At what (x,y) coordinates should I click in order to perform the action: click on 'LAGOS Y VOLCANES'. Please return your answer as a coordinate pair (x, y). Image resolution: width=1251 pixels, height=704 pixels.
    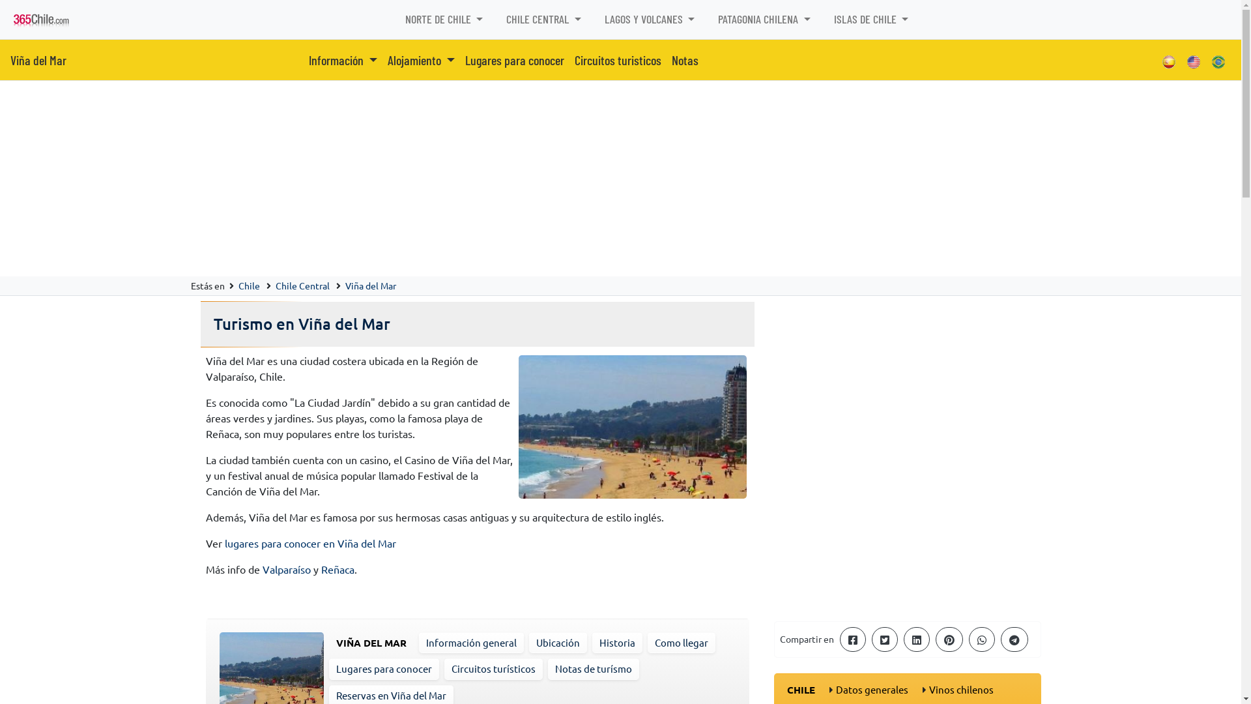
    Looking at the image, I should click on (650, 19).